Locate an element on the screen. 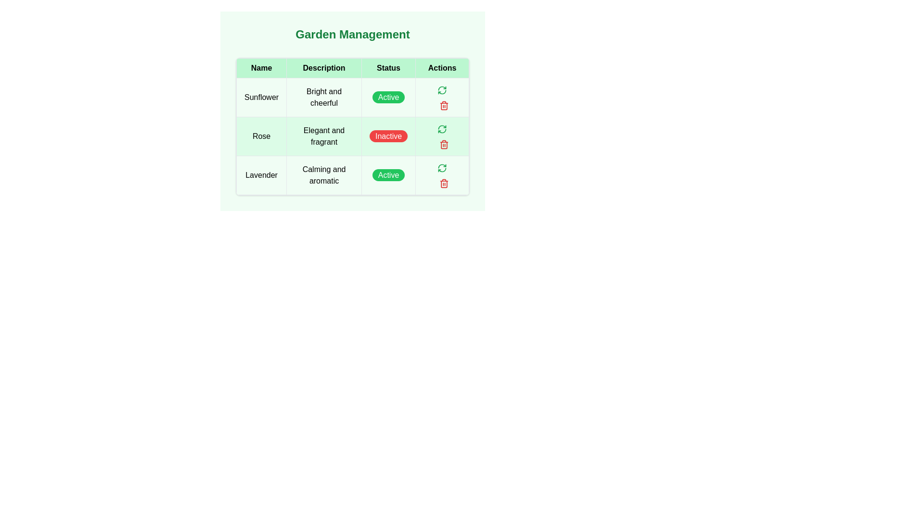  top-left arc component of the refresh icon in the 'Actions' column for the first row corresponding to the 'Sunflower' entry in the DOM is located at coordinates (442, 127).